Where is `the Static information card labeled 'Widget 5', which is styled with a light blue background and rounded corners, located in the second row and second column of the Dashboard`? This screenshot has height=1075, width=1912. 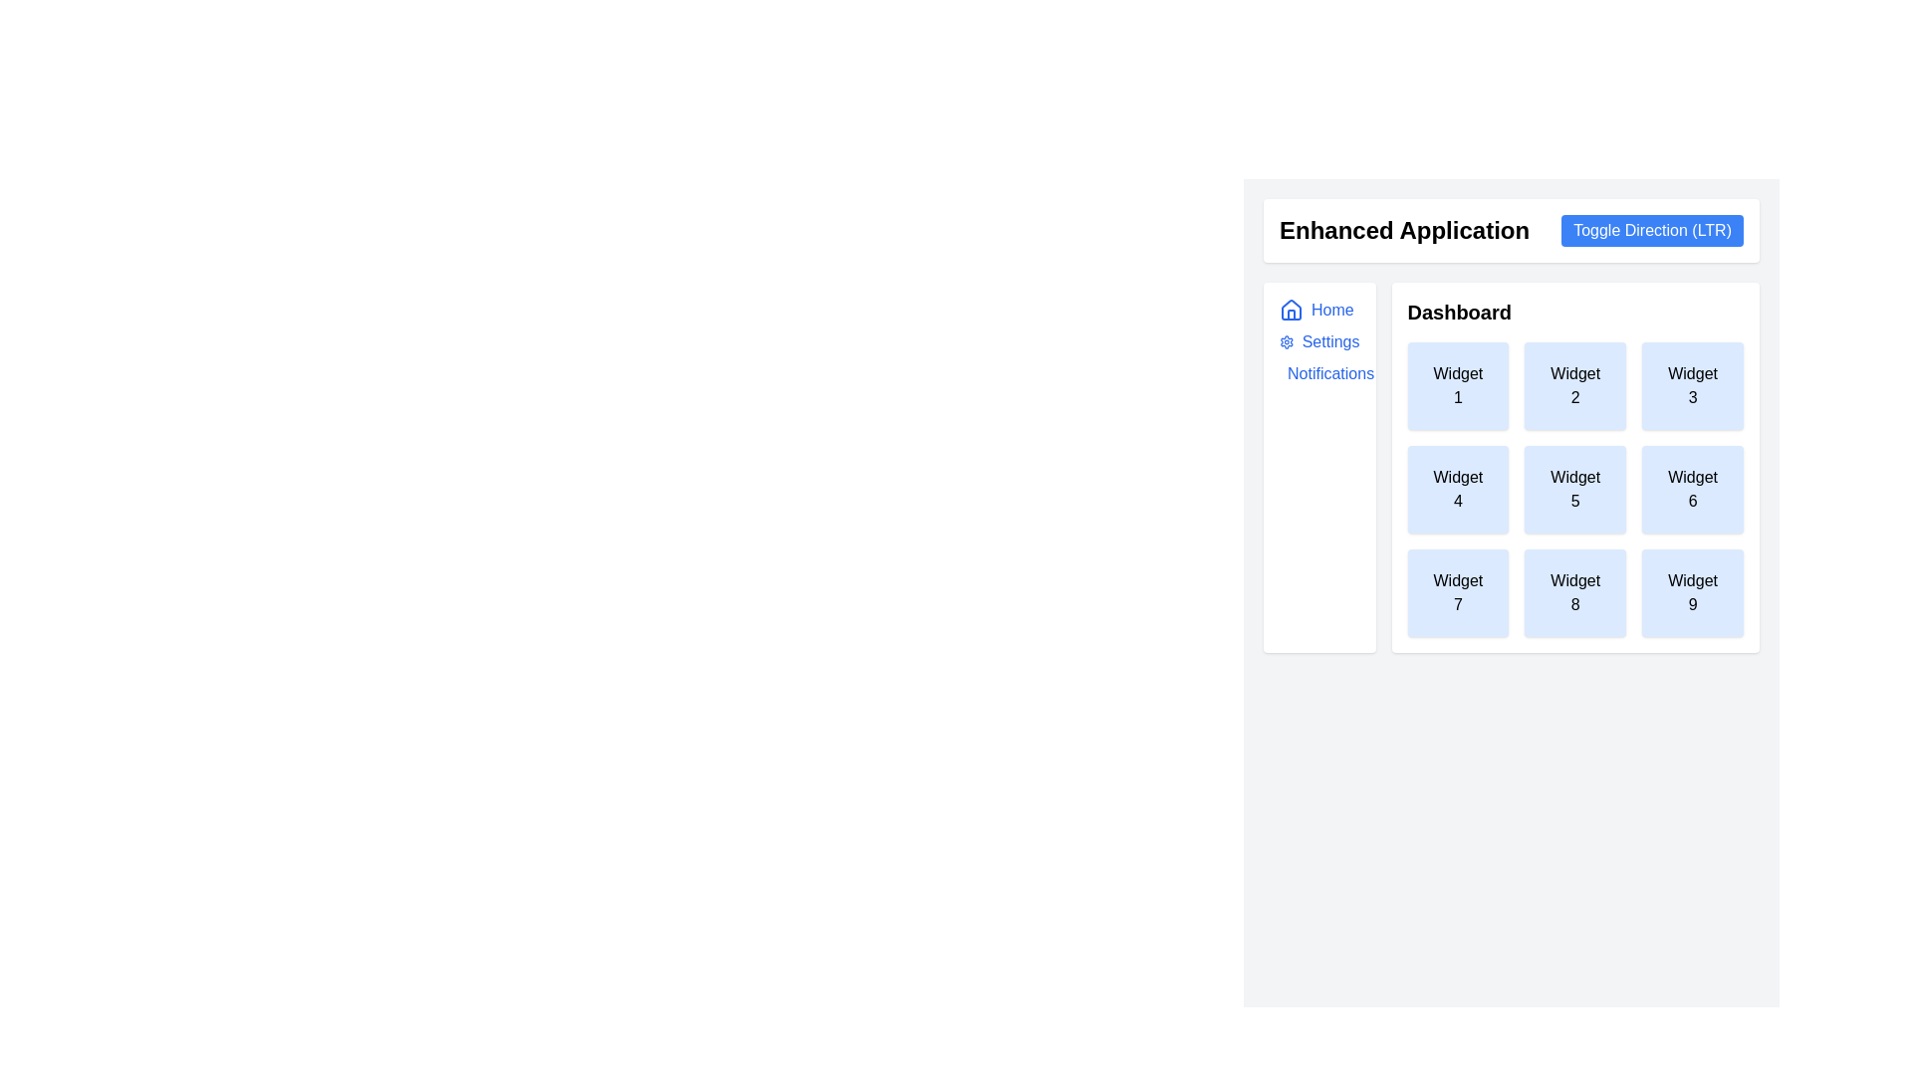 the Static information card labeled 'Widget 5', which is styled with a light blue background and rounded corners, located in the second row and second column of the Dashboard is located at coordinates (1574, 490).